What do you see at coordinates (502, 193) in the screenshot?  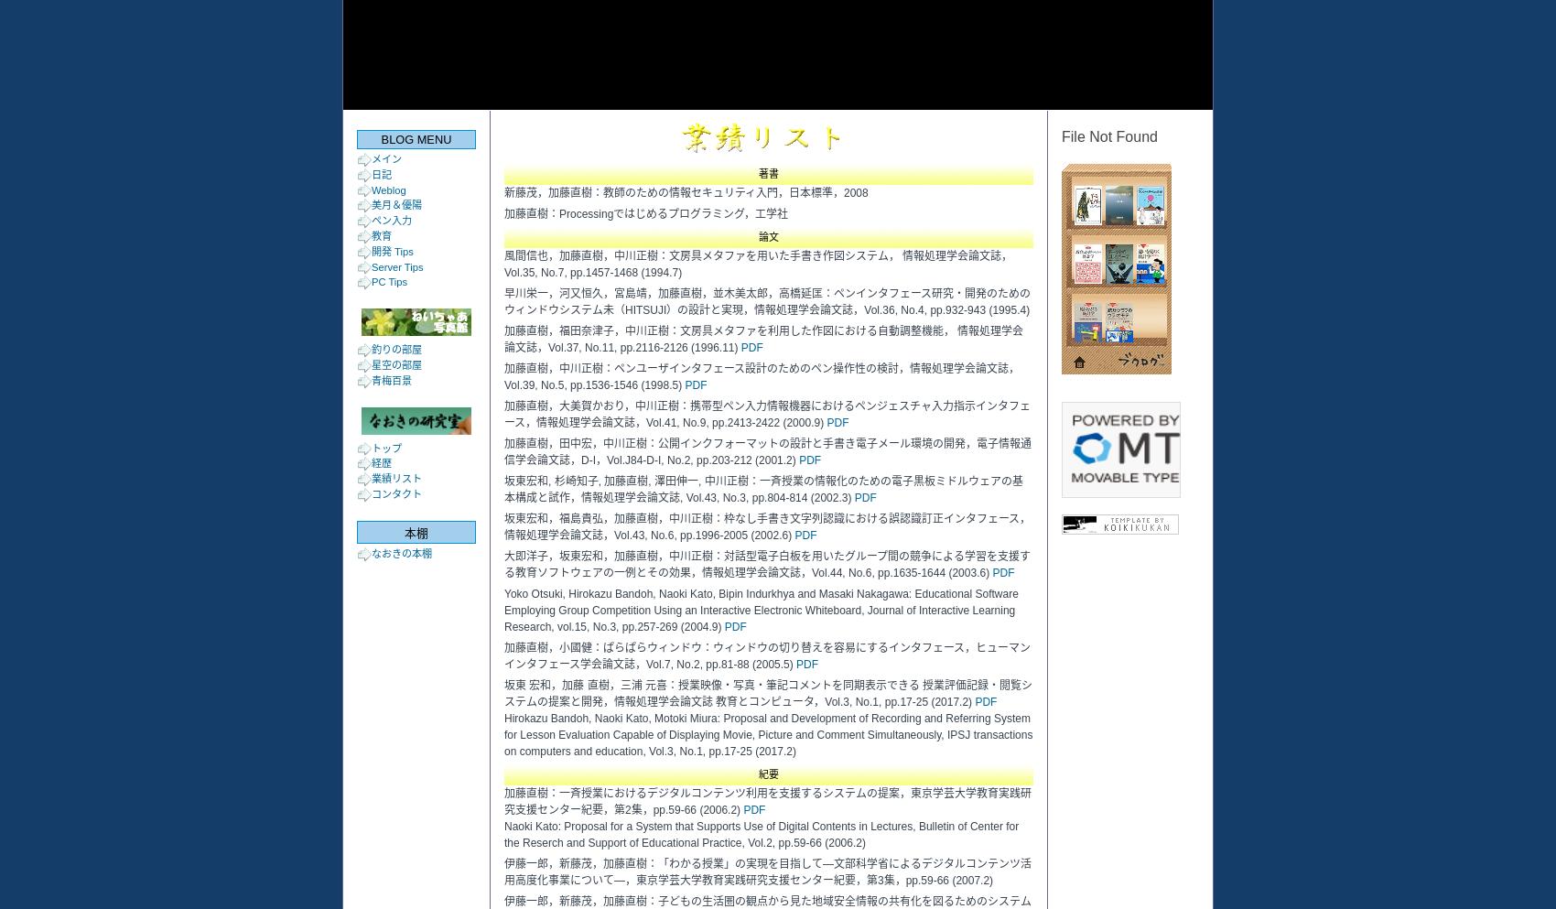 I see `'新藤茂，加藤直樹：教師のための情報セキュリティ入門，日本標準，2008'` at bounding box center [502, 193].